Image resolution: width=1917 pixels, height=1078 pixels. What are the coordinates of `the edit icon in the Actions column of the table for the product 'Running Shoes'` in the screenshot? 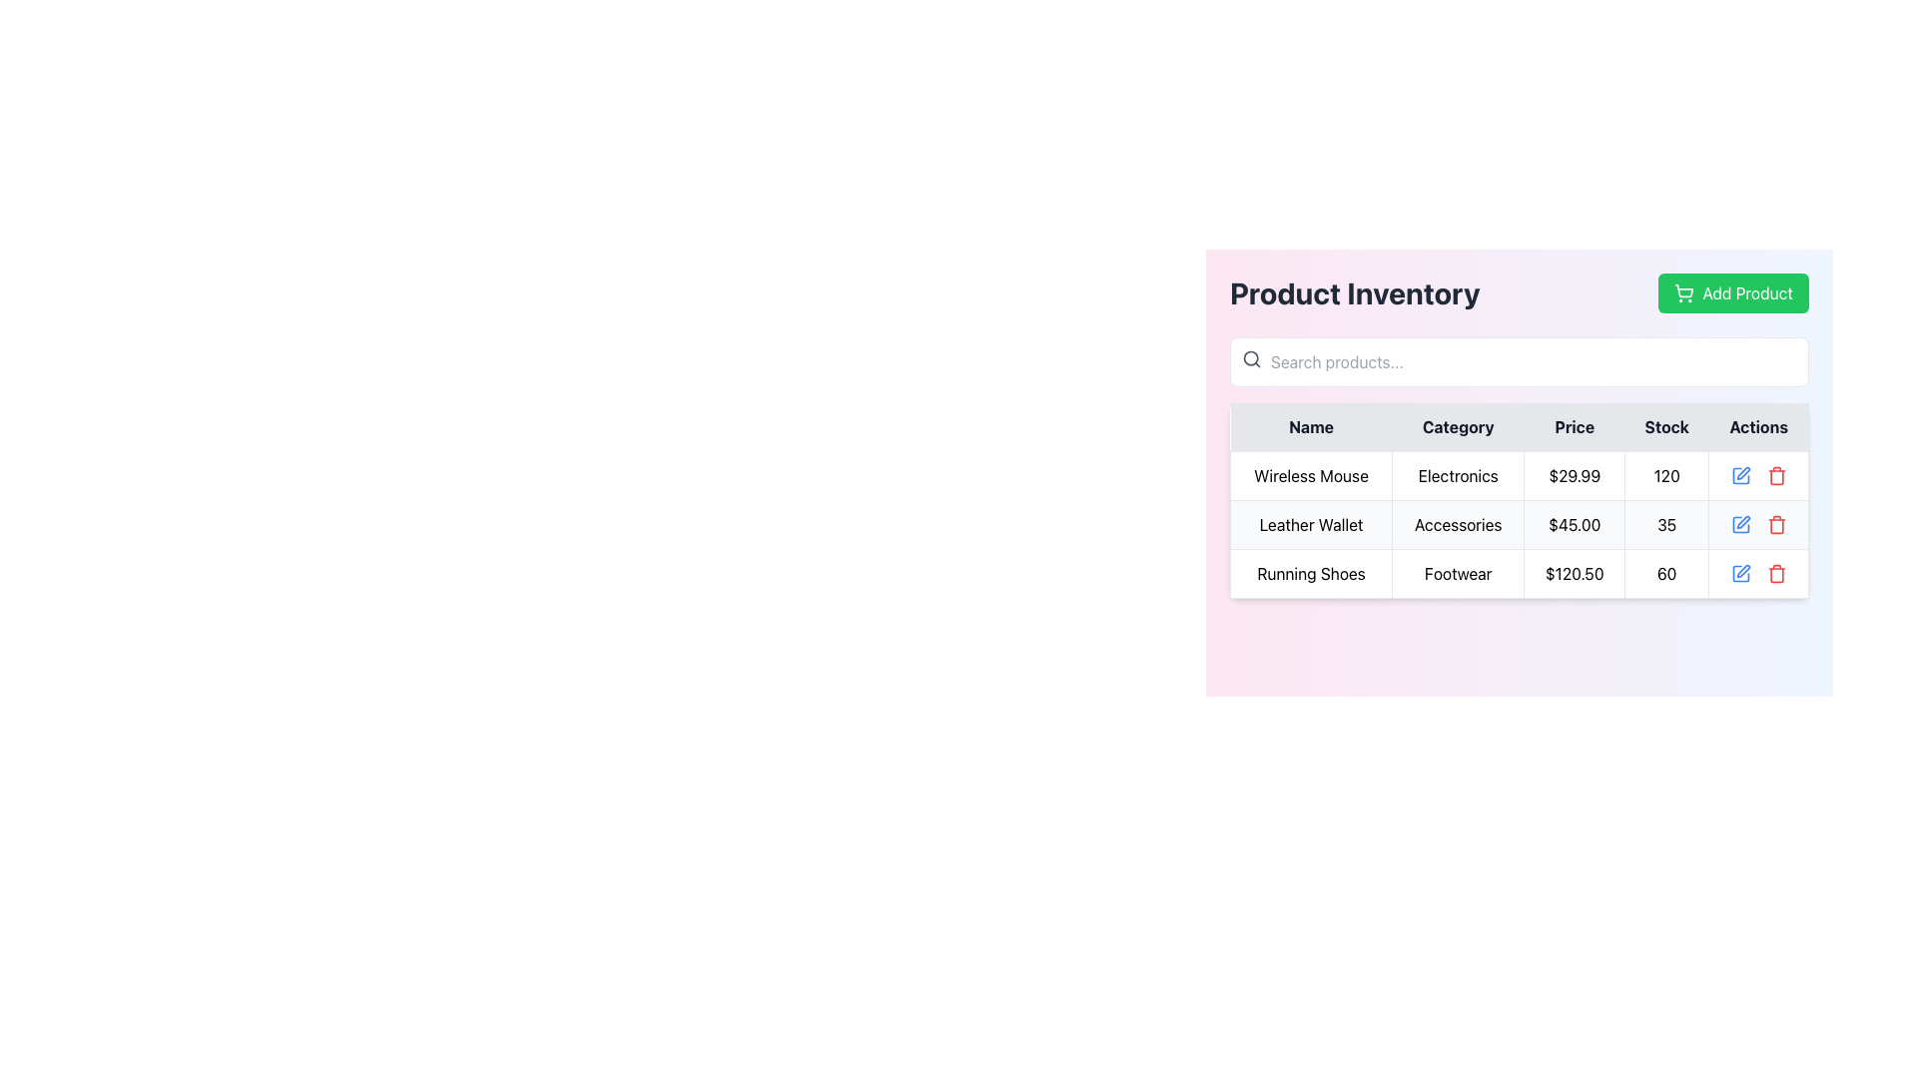 It's located at (1742, 473).